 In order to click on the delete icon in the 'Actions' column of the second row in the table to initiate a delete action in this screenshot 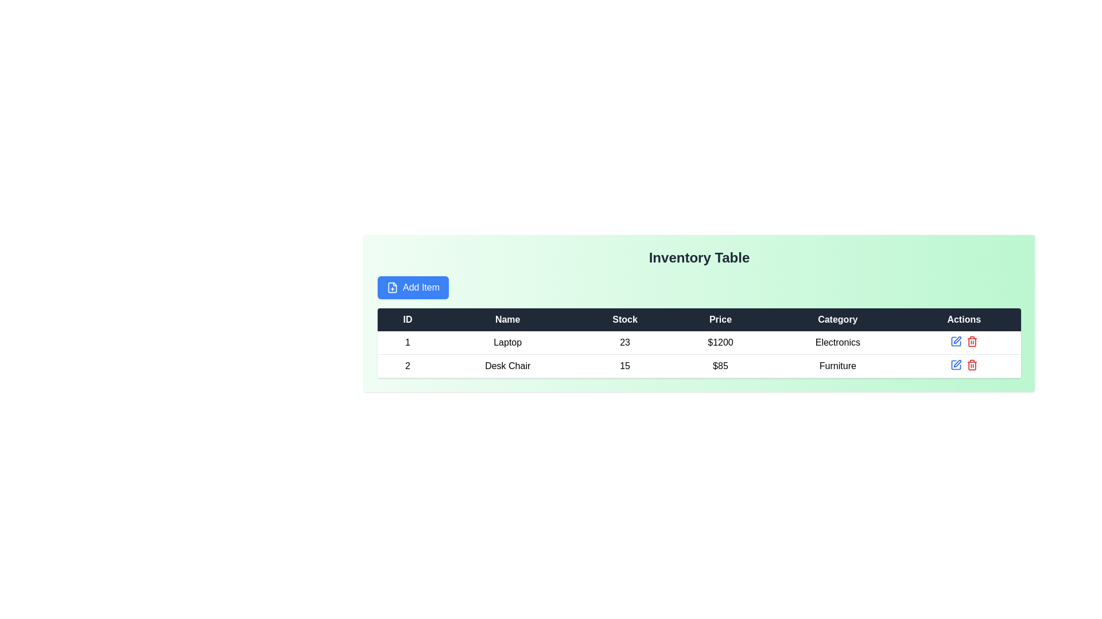, I will do `click(971, 341)`.